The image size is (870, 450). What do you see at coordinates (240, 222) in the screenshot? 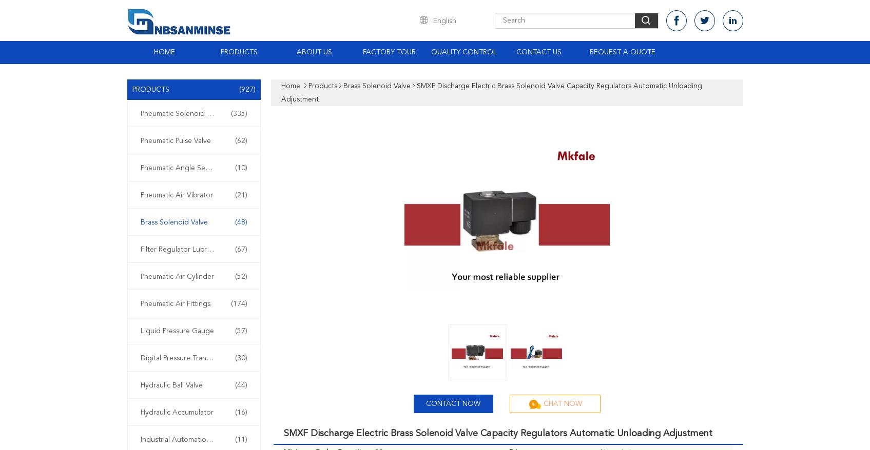
I see `'(48)'` at bounding box center [240, 222].